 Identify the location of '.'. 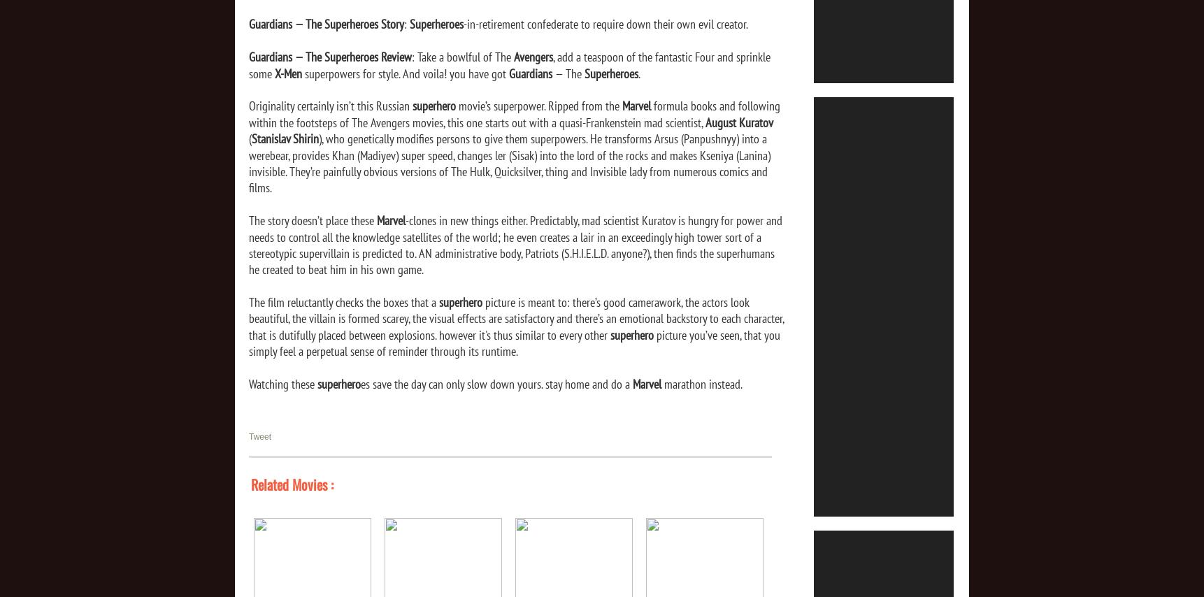
(638, 73).